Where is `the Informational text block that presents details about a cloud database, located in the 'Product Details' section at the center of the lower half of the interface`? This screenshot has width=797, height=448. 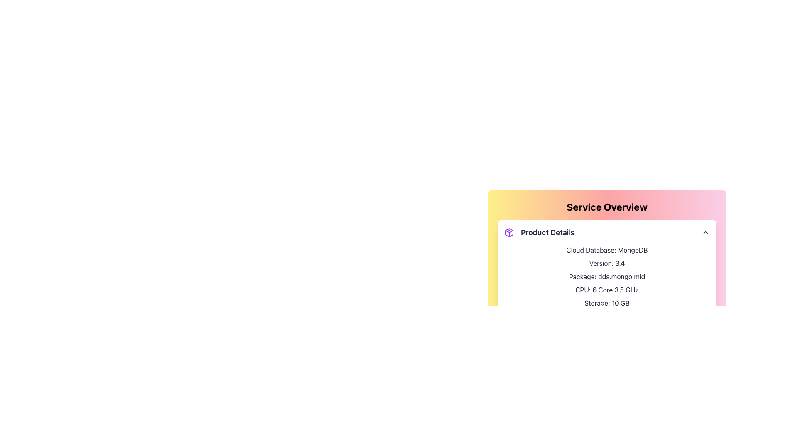
the Informational text block that presents details about a cloud database, located in the 'Product Details' section at the center of the lower half of the interface is located at coordinates (607, 277).